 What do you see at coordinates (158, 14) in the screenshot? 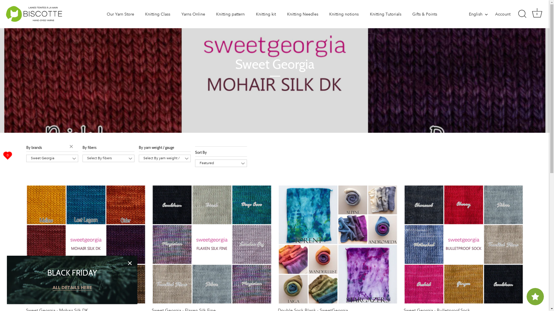
I see `'Knitting Class'` at bounding box center [158, 14].